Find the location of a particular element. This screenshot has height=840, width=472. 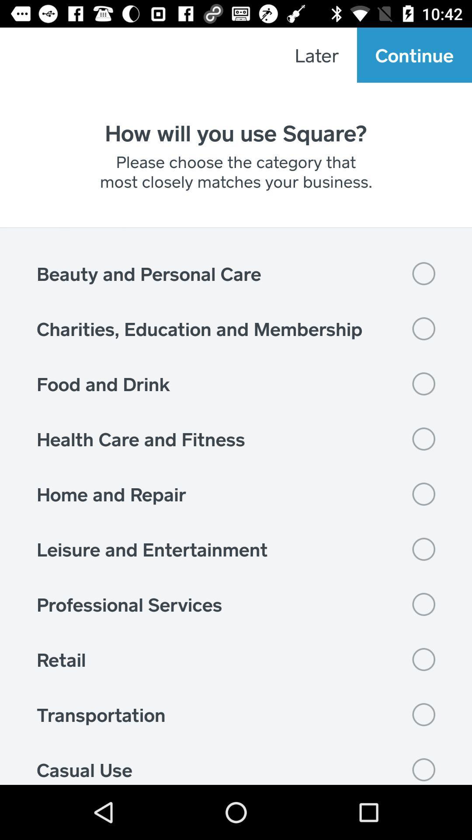

the please choose the icon is located at coordinates (236, 171).